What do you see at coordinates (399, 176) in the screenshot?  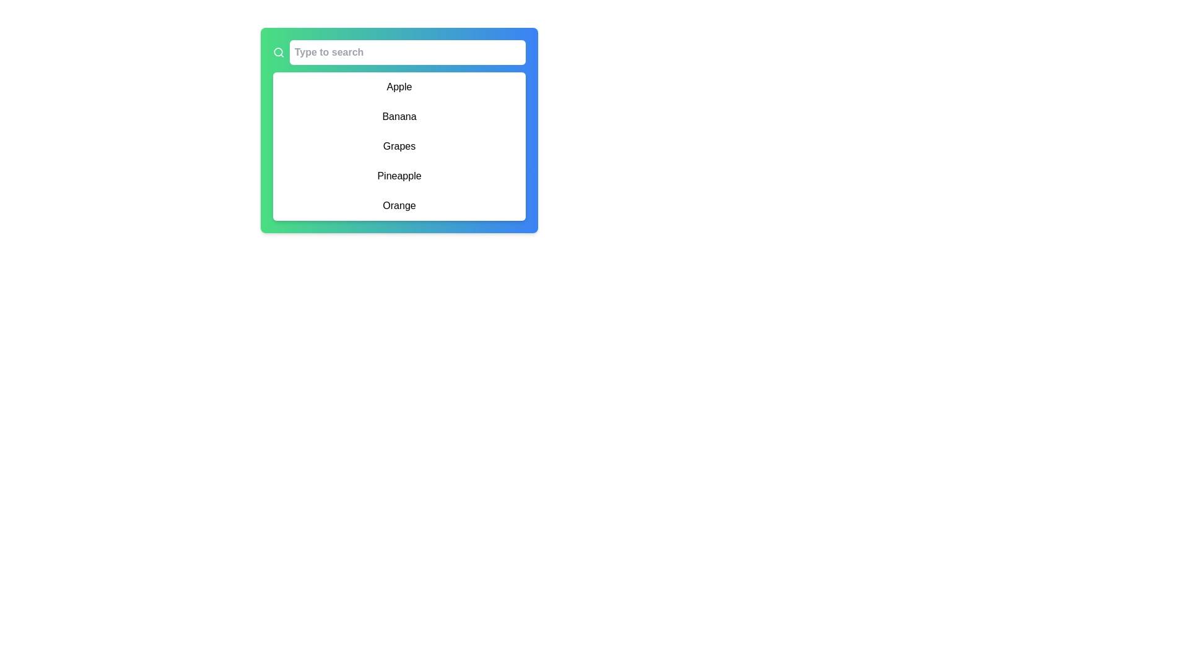 I see `the fourth list item labeled 'Pineapple'` at bounding box center [399, 176].